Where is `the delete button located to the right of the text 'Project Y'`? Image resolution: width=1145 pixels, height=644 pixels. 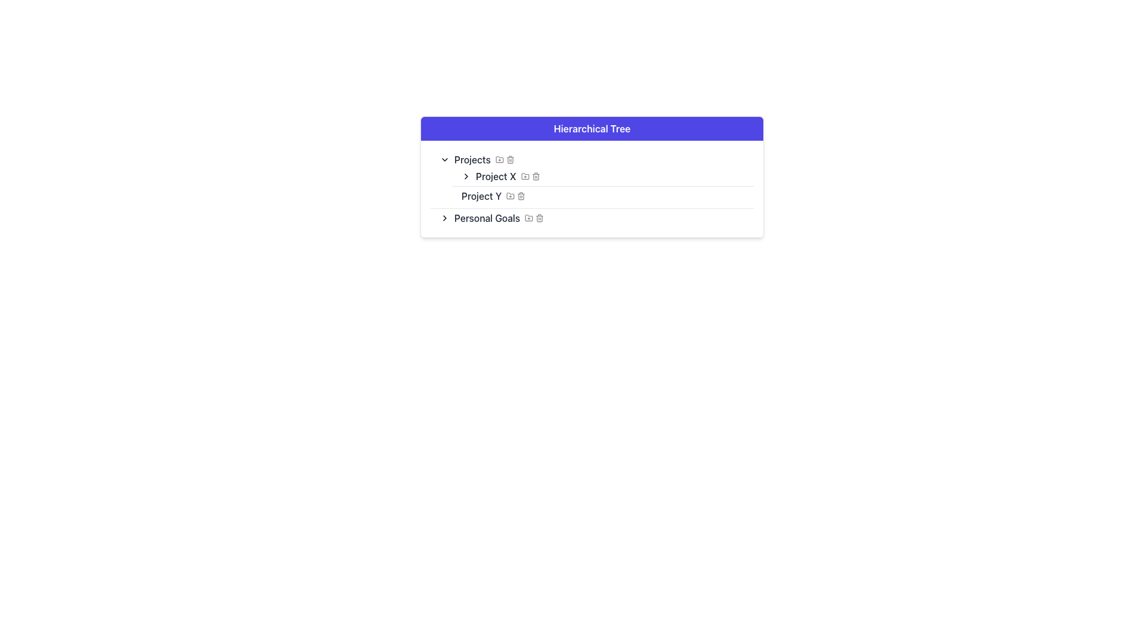
the delete button located to the right of the text 'Project Y' is located at coordinates (521, 195).